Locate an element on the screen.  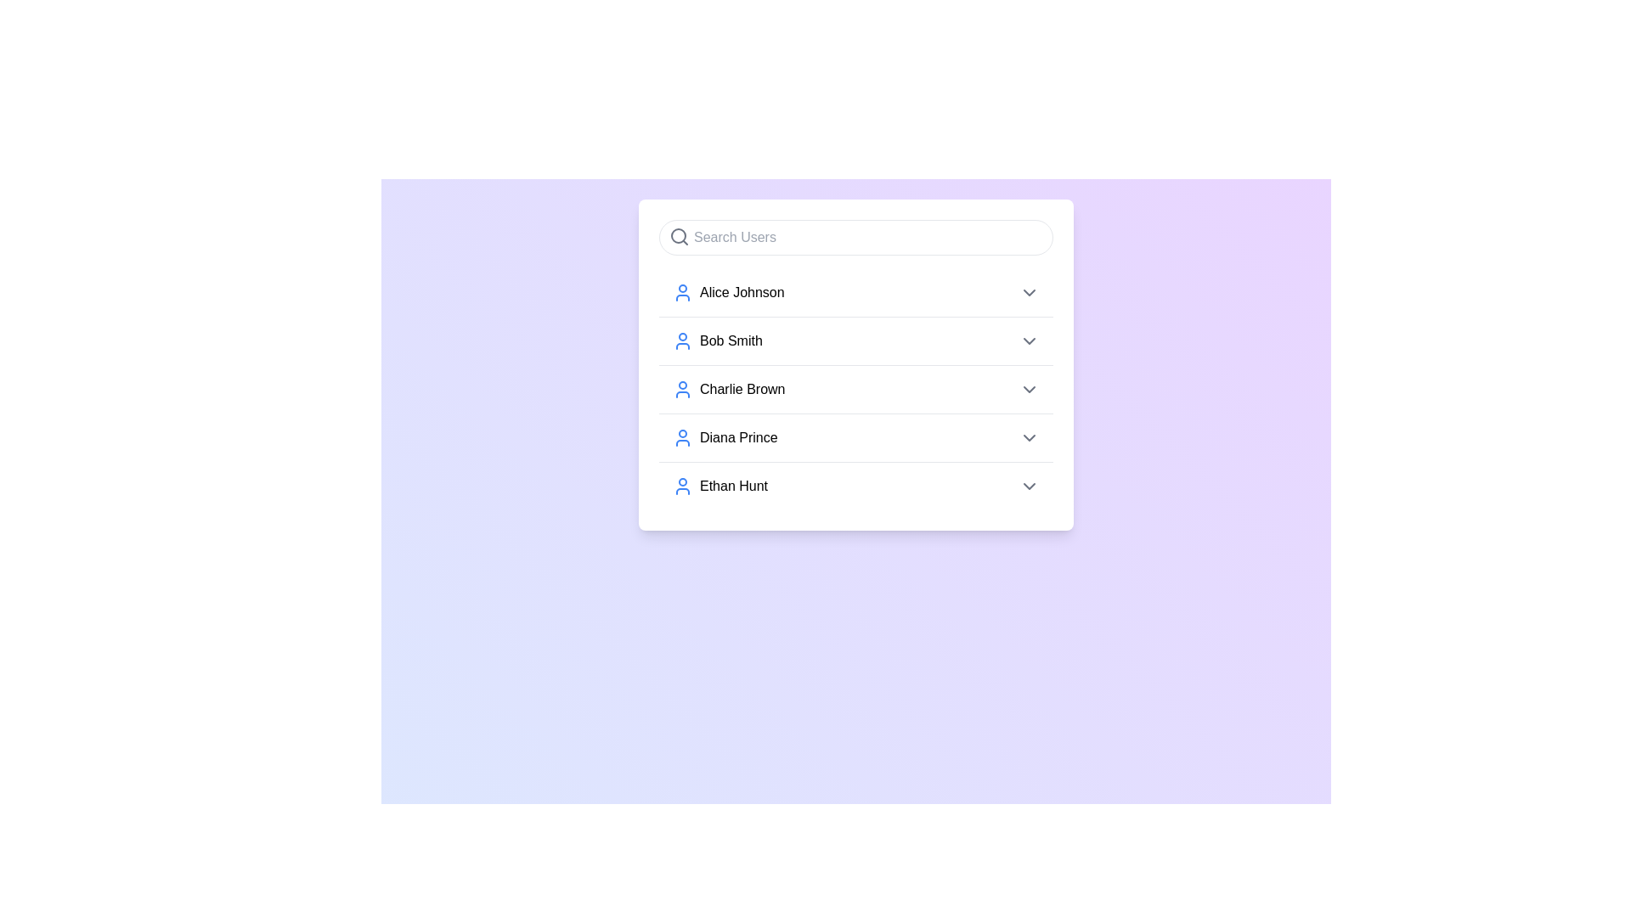
the fourth list item representing user 'Diana Prince' is located at coordinates (725, 437).